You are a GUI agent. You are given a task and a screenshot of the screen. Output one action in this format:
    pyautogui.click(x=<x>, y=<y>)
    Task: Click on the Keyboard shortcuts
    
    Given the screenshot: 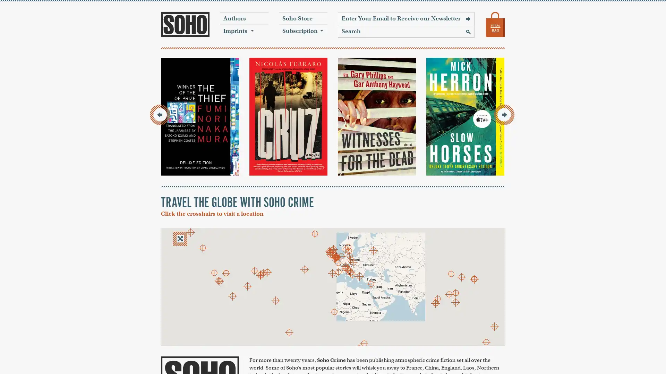 What is the action you would take?
    pyautogui.click(x=434, y=343)
    